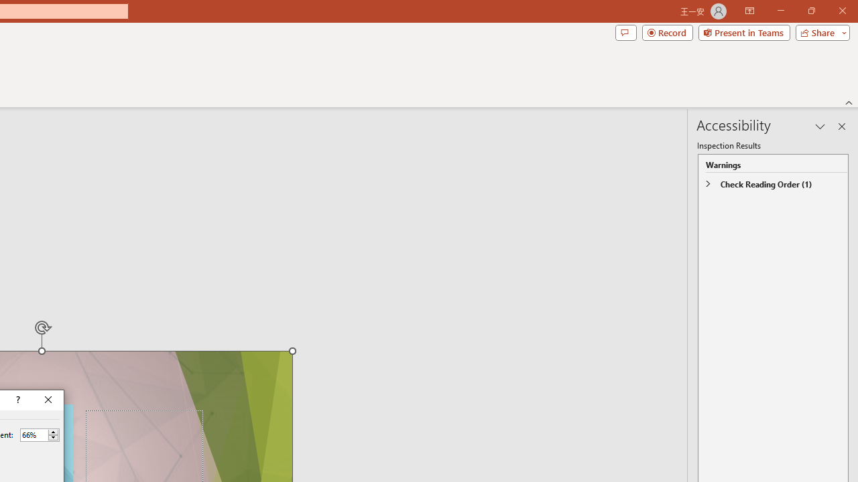 This screenshot has height=482, width=858. I want to click on 'Less', so click(53, 438).